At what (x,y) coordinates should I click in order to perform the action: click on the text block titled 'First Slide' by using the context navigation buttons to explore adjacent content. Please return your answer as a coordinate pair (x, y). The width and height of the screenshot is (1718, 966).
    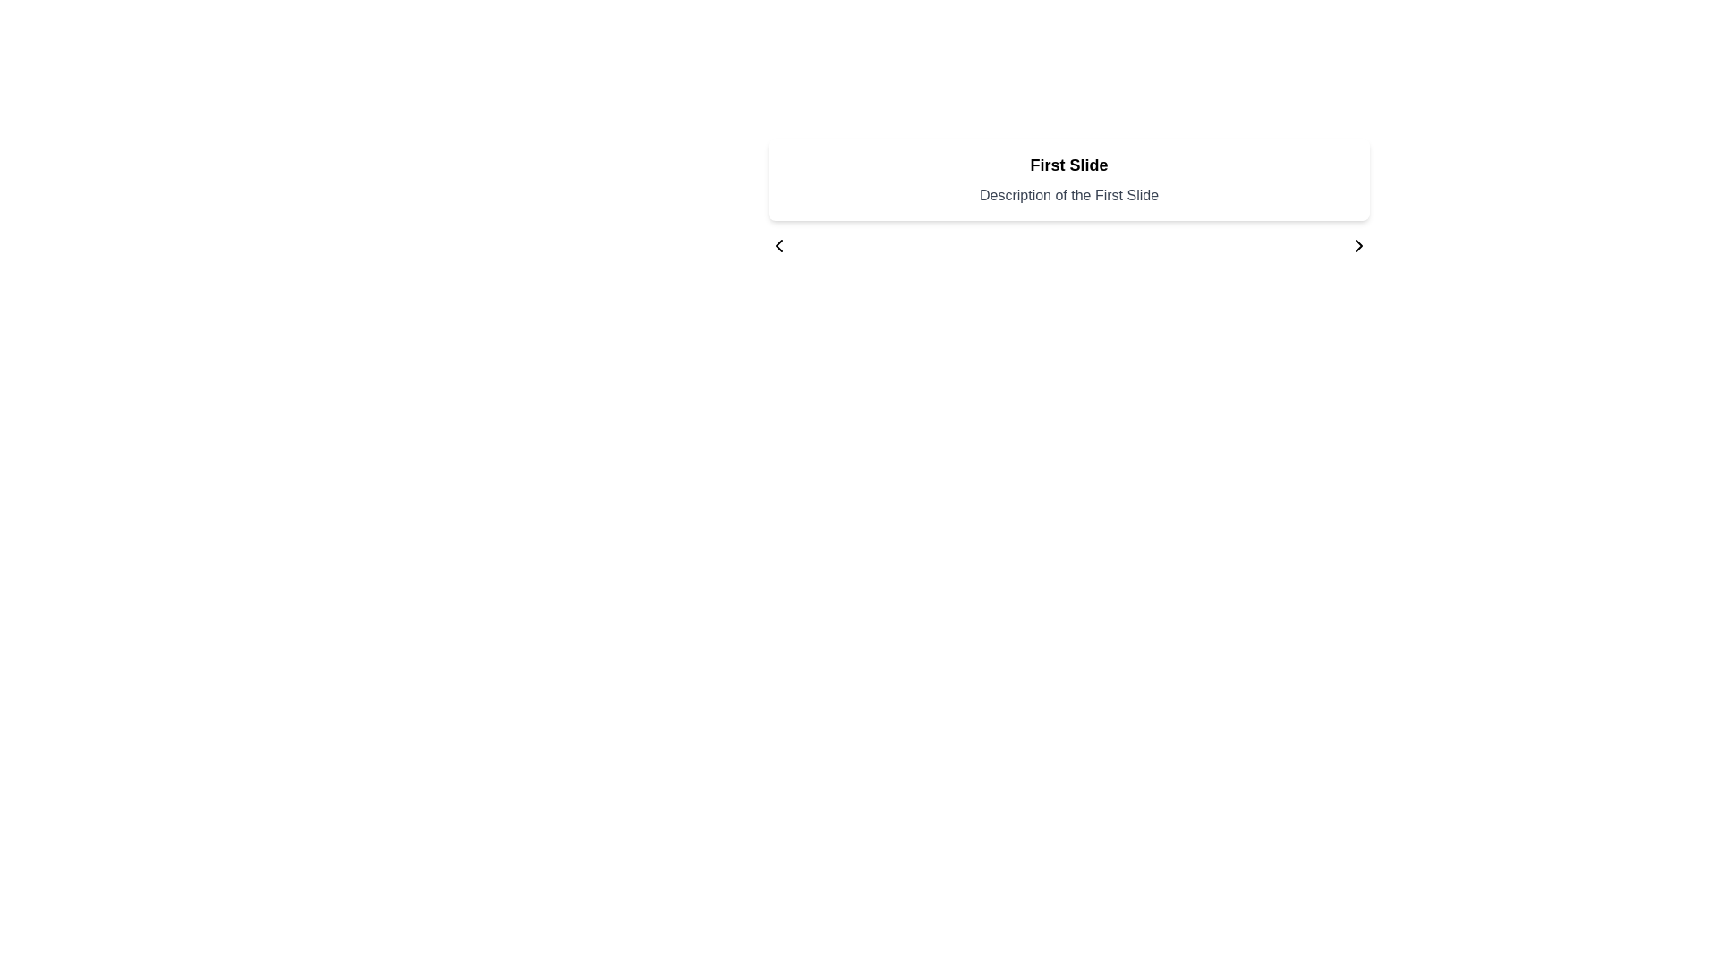
    Looking at the image, I should click on (1069, 179).